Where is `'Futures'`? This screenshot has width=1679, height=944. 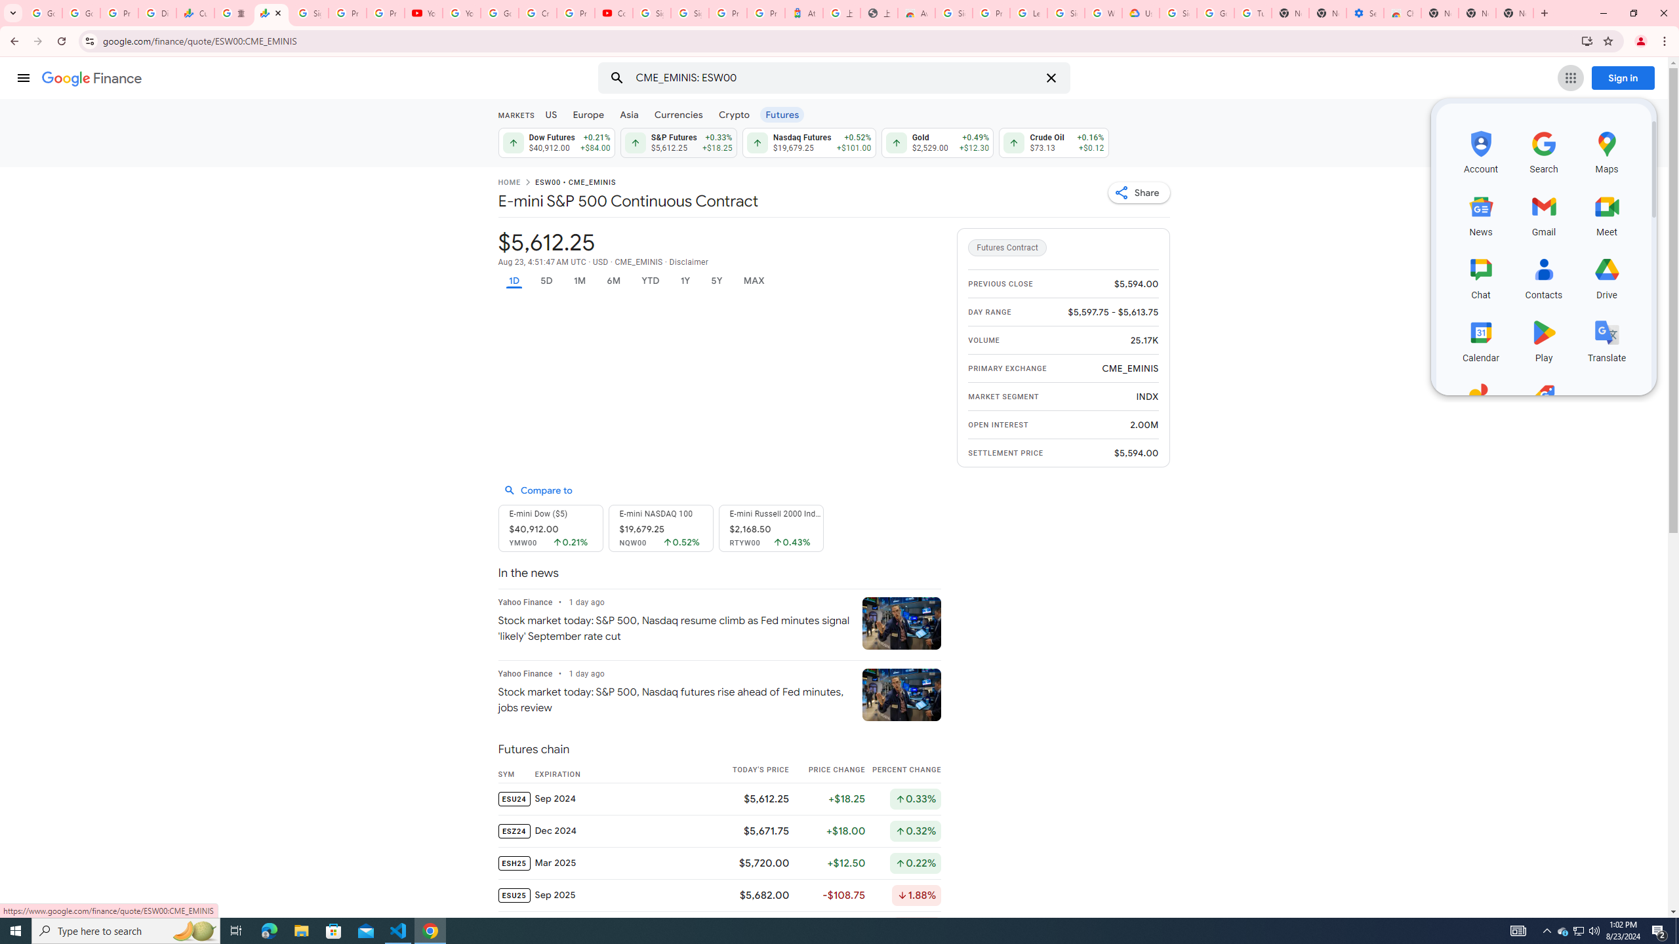 'Futures' is located at coordinates (781, 113).